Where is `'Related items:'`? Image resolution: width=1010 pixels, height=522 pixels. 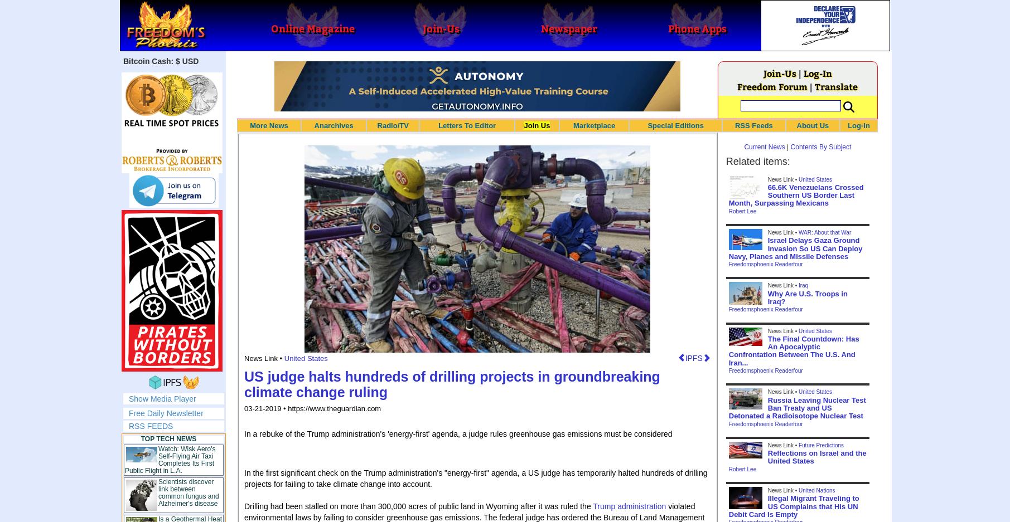
'Related items:' is located at coordinates (757, 160).